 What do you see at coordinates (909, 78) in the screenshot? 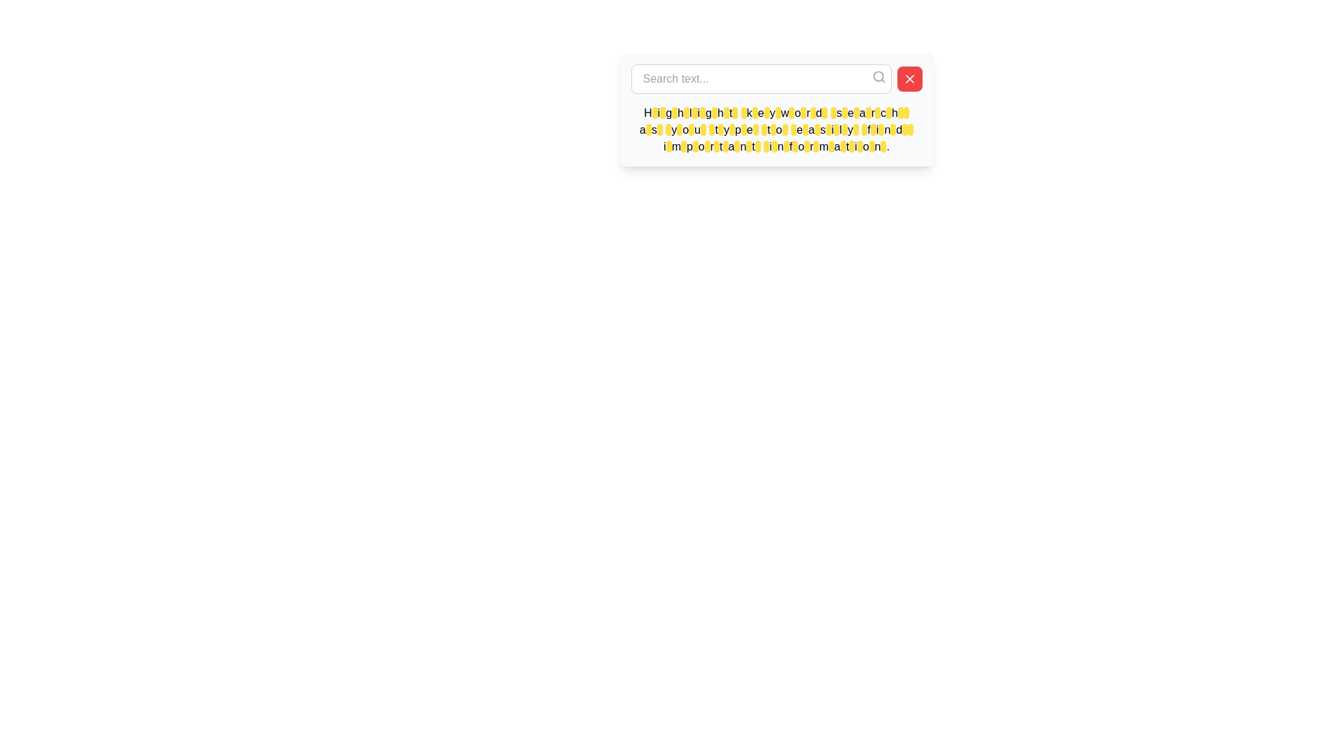
I see `the close icon resembling a bold 'X' with a red background to clear the input in the search bar` at bounding box center [909, 78].